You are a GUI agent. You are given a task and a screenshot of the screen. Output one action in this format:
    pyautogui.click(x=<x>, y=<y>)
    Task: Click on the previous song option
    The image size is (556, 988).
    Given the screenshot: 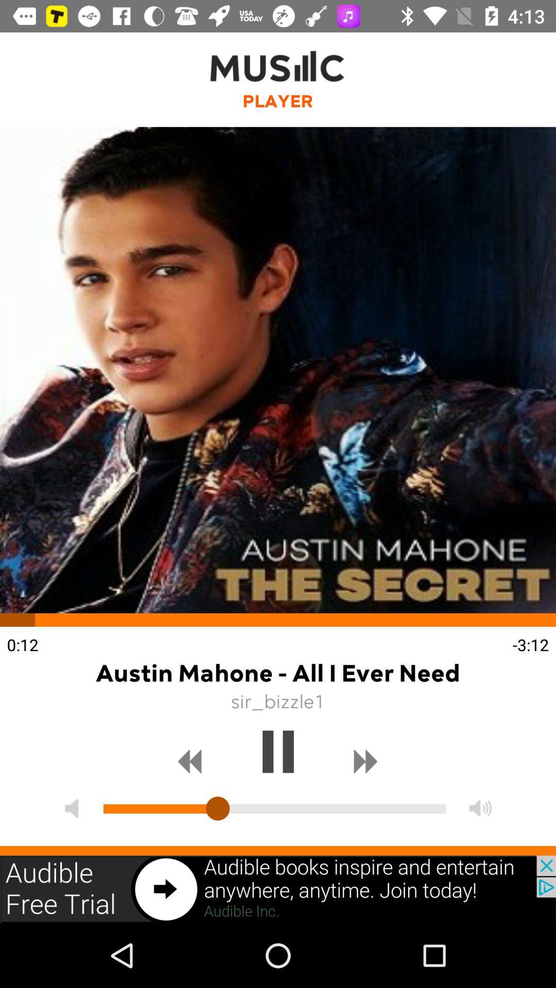 What is the action you would take?
    pyautogui.click(x=190, y=762)
    